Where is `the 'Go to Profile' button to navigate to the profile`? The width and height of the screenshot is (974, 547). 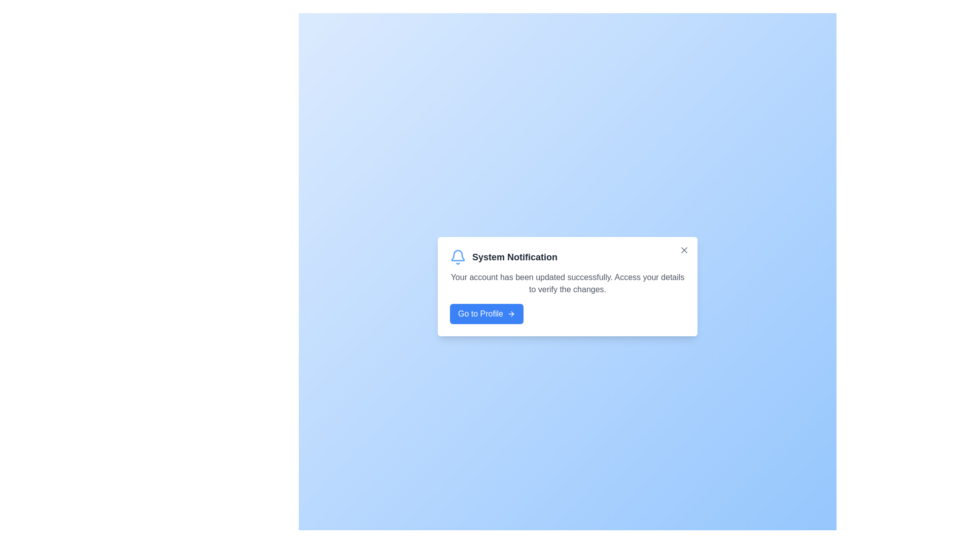
the 'Go to Profile' button to navigate to the profile is located at coordinates (486, 314).